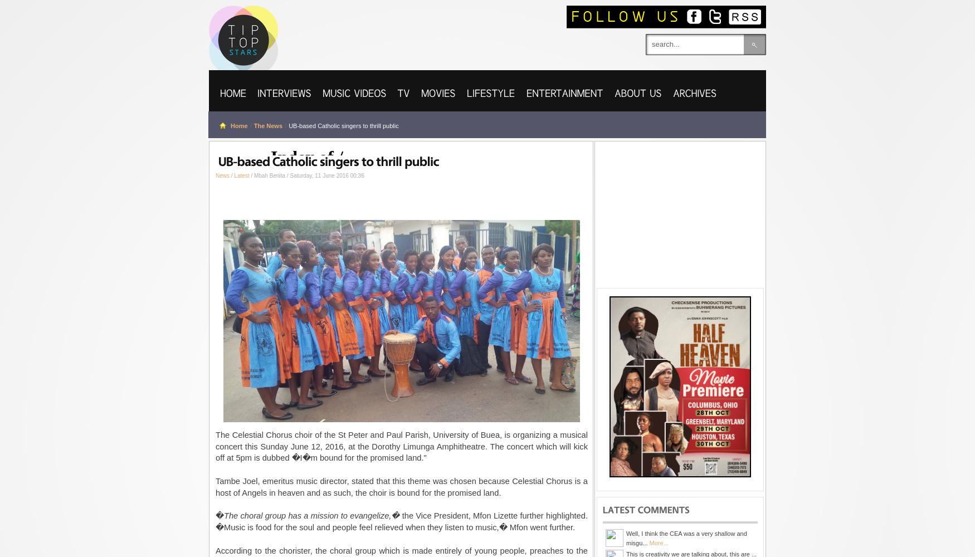 This screenshot has height=557, width=975. Describe the element at coordinates (402, 521) in the screenshot. I see `'the Vice President, Mfon Lizette further highlighted. �Music is food for the soul and people feel relieved when they listen to music,� Mfon went further.'` at that location.